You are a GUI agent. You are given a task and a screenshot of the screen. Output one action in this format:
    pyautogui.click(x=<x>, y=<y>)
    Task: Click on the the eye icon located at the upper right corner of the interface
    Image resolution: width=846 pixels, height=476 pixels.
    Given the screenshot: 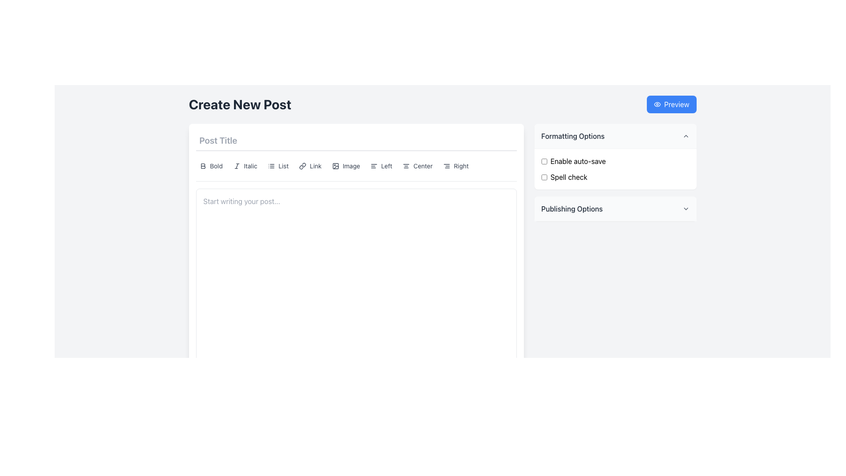 What is the action you would take?
    pyautogui.click(x=657, y=104)
    